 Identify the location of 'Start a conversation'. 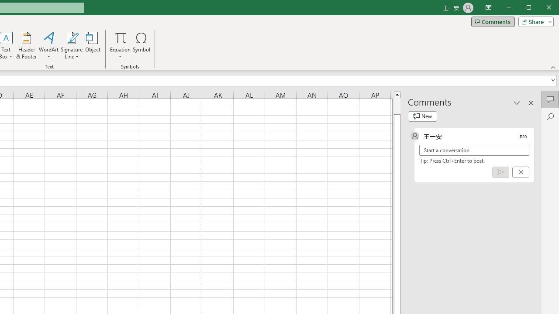
(474, 150).